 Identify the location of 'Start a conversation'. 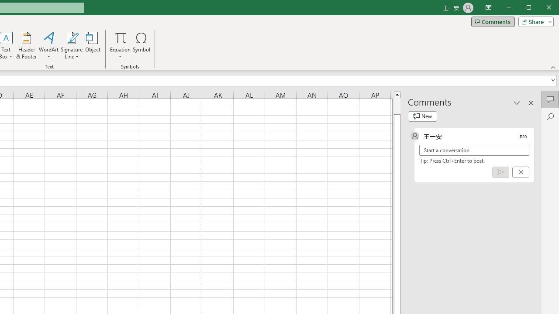
(474, 150).